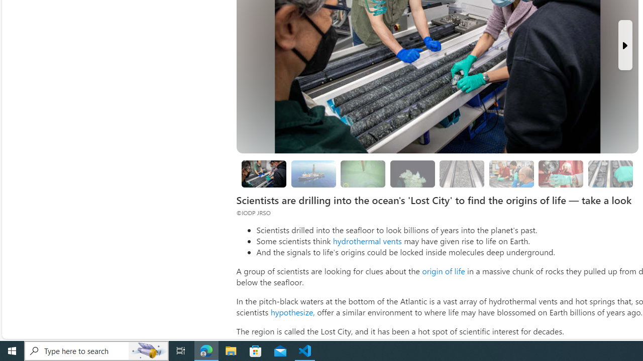  Describe the element at coordinates (412, 173) in the screenshot. I see `'The Lost City could hold clues to the origin of life.'` at that location.